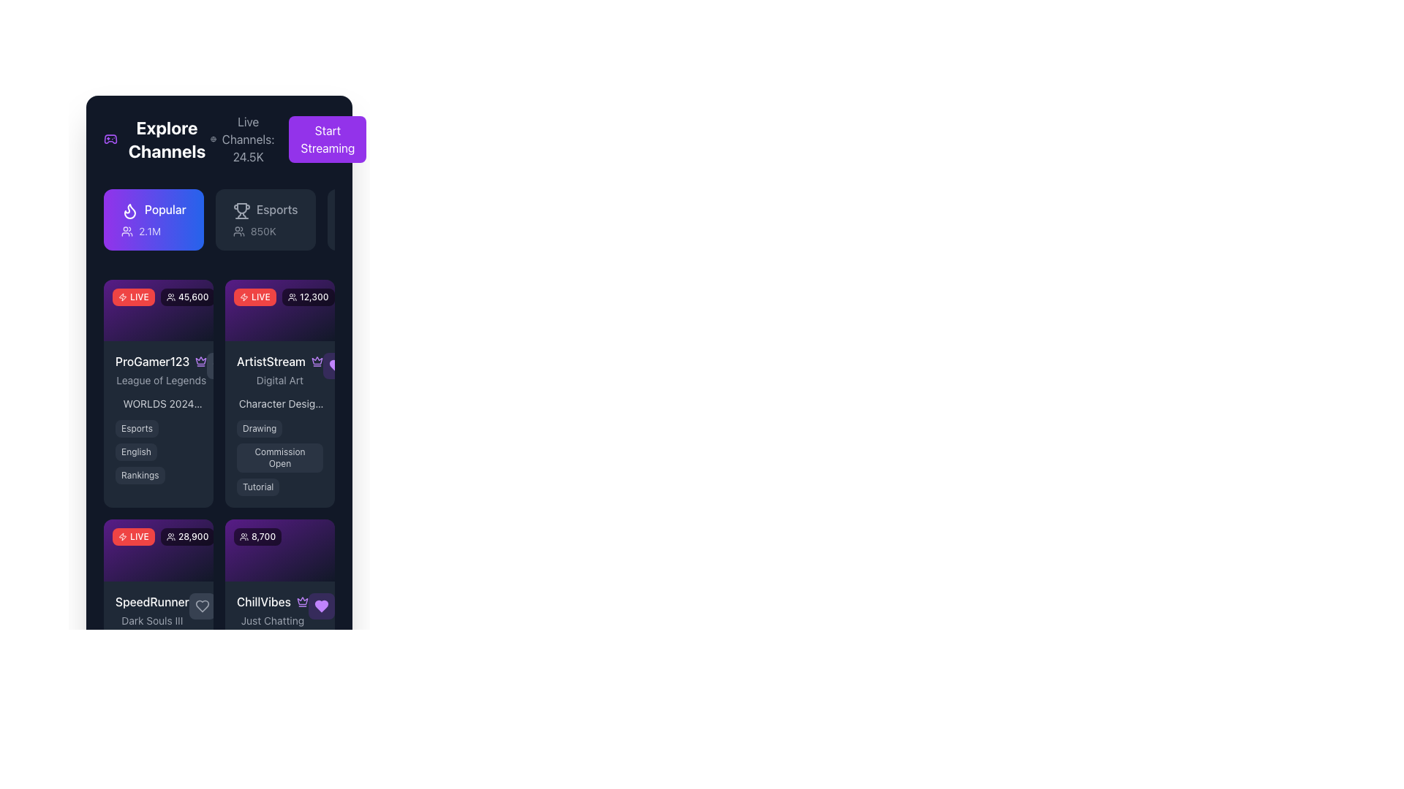  Describe the element at coordinates (336, 365) in the screenshot. I see `the heart-shaped icon located in the top-right corner of the 'ArtistStream' card` at that location.